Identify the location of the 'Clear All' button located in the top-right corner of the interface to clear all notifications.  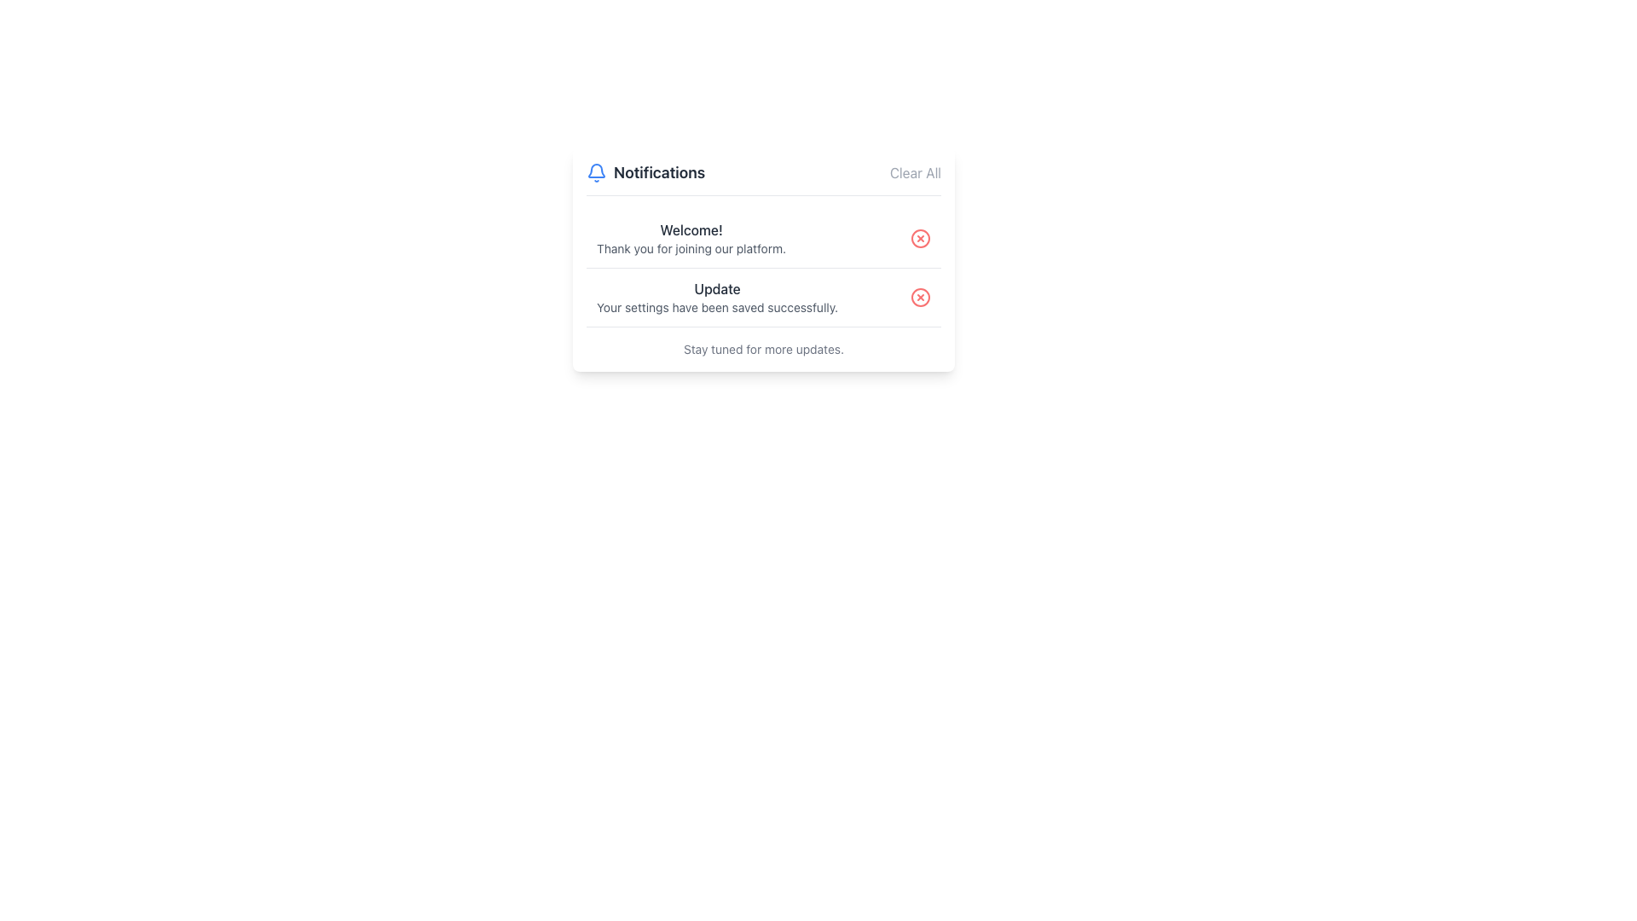
(914, 173).